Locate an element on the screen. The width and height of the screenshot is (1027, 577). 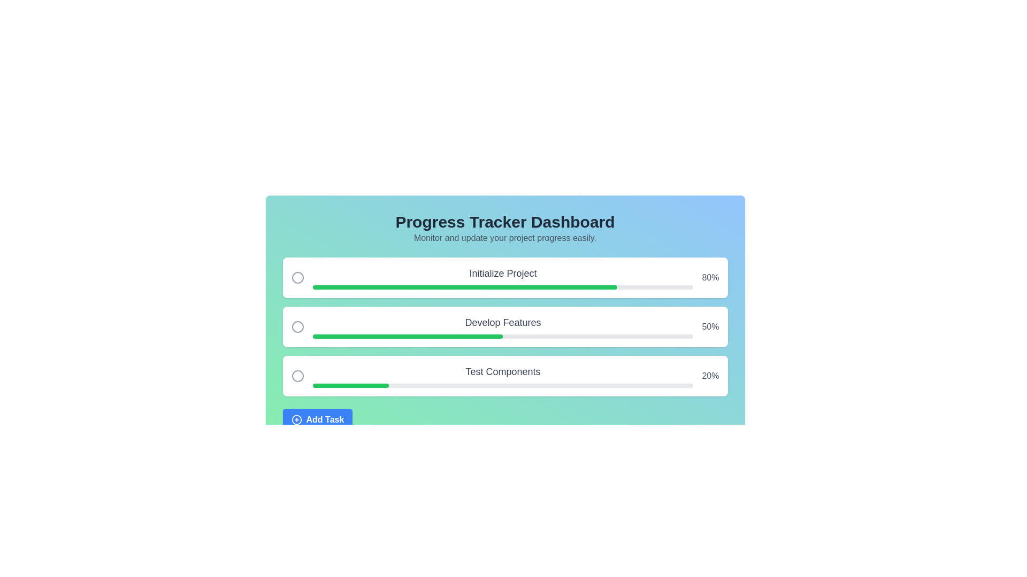
the third circular indicator in the progress tracker section next to the 'Test Components' label is located at coordinates (297, 376).